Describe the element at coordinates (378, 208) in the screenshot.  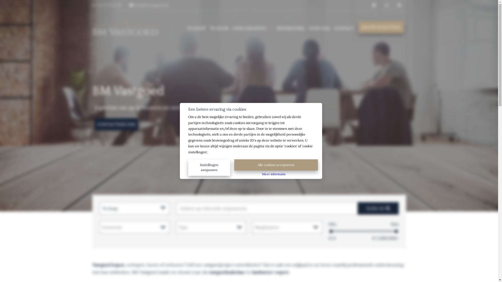
I see `'ZOEK NU '` at that location.